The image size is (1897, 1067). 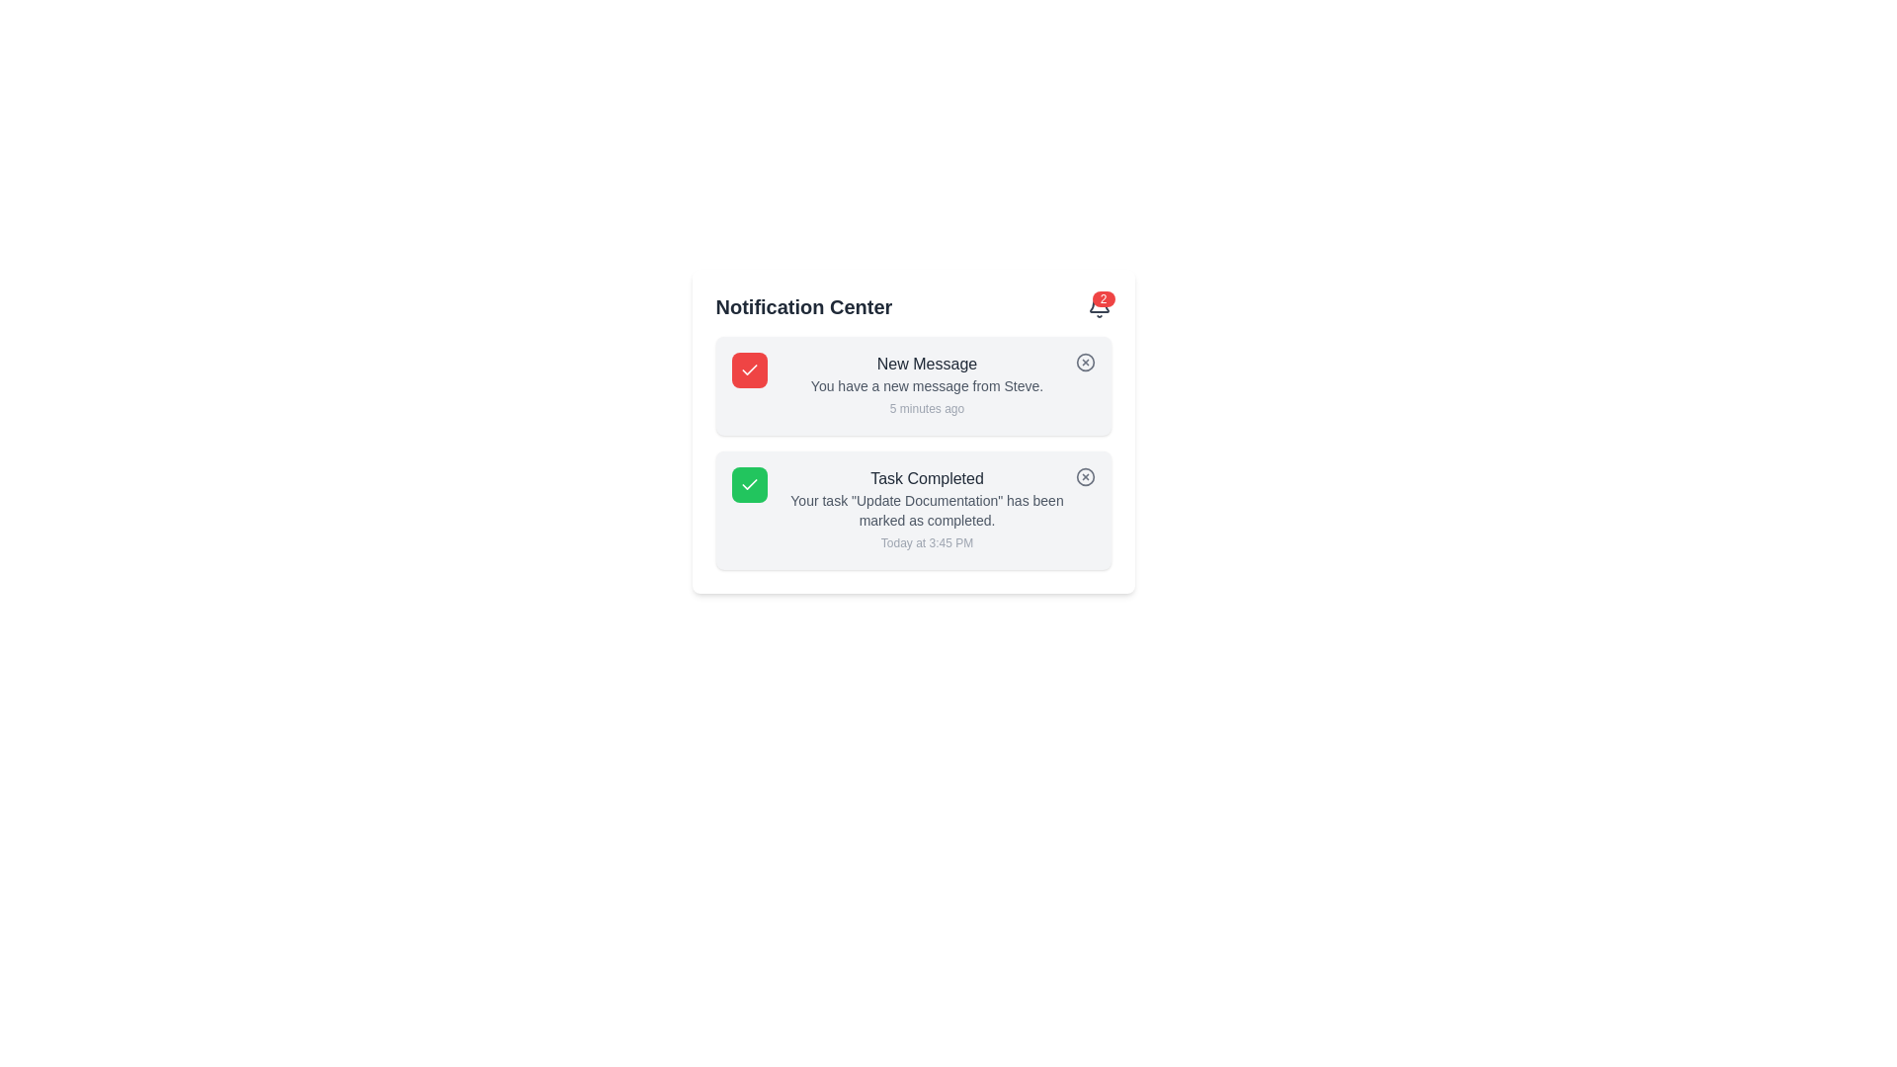 I want to click on the timestamp text label that indicates when a specific notification was received, located below the message from Steve within the 'New Message' notification card, so click(x=926, y=407).